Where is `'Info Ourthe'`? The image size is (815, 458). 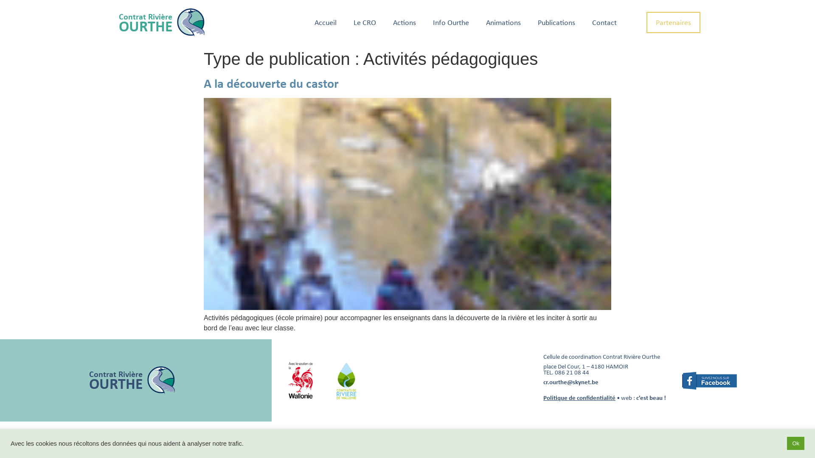
'Info Ourthe' is located at coordinates (450, 22).